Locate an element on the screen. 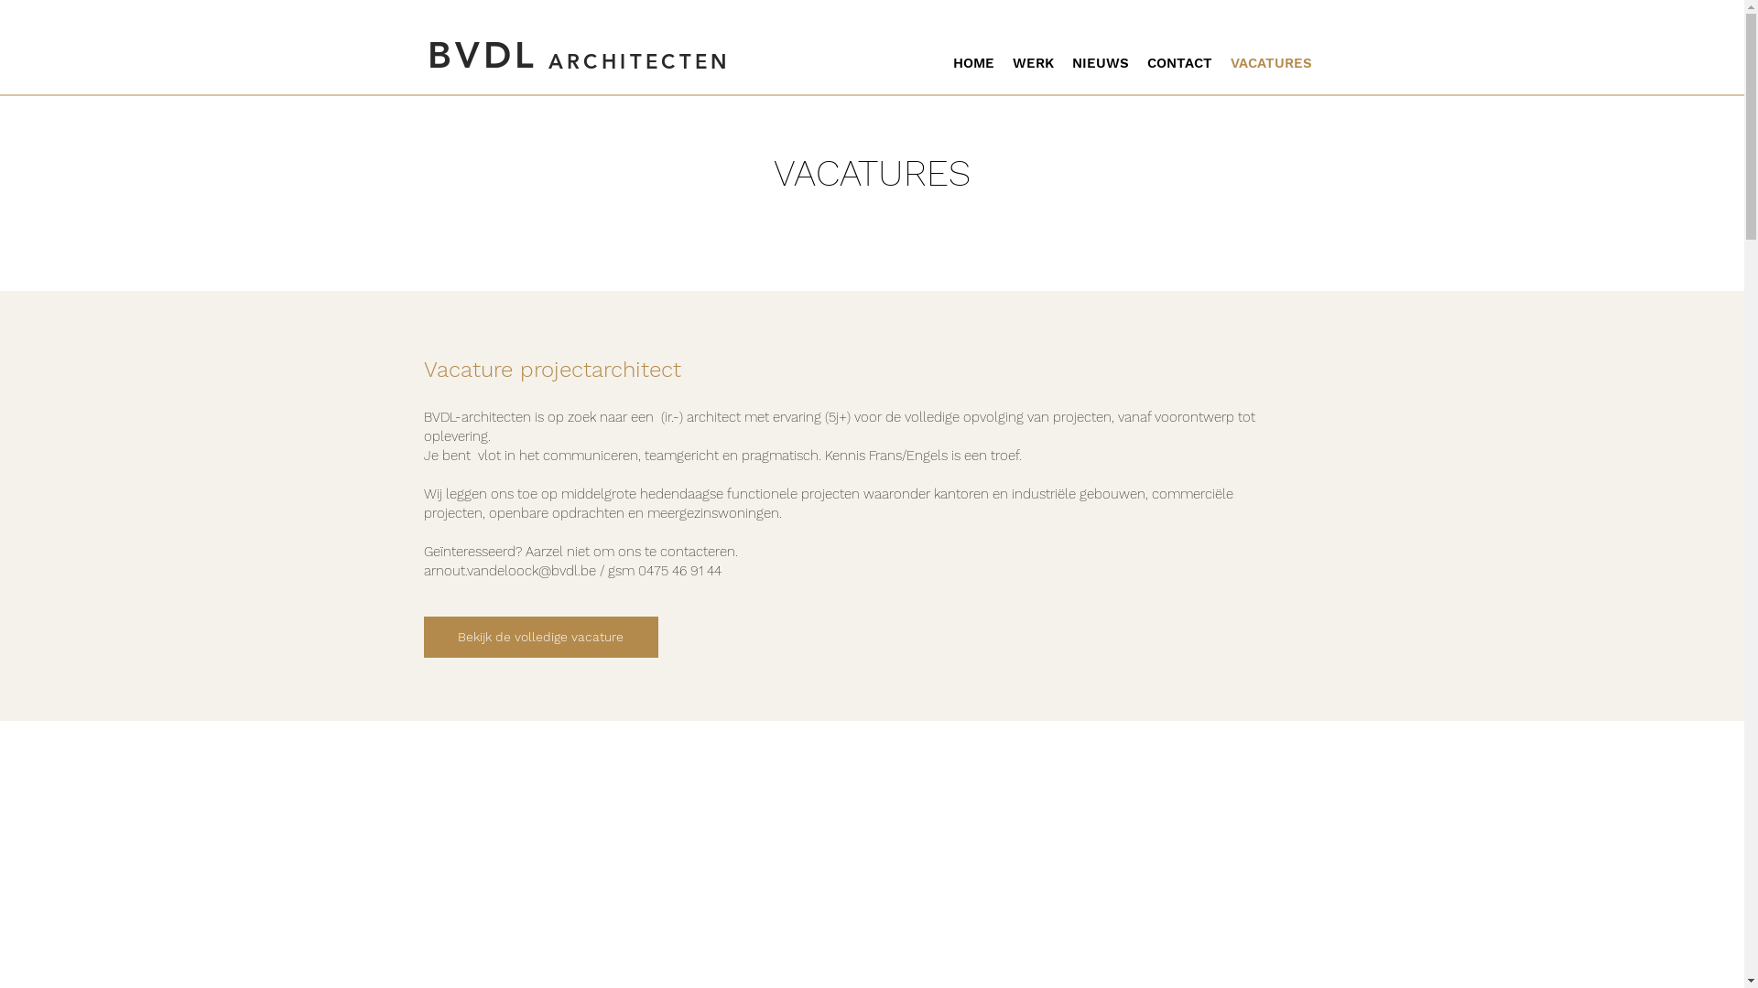 The height and width of the screenshot is (988, 1758). 'WERK' is located at coordinates (1033, 62).